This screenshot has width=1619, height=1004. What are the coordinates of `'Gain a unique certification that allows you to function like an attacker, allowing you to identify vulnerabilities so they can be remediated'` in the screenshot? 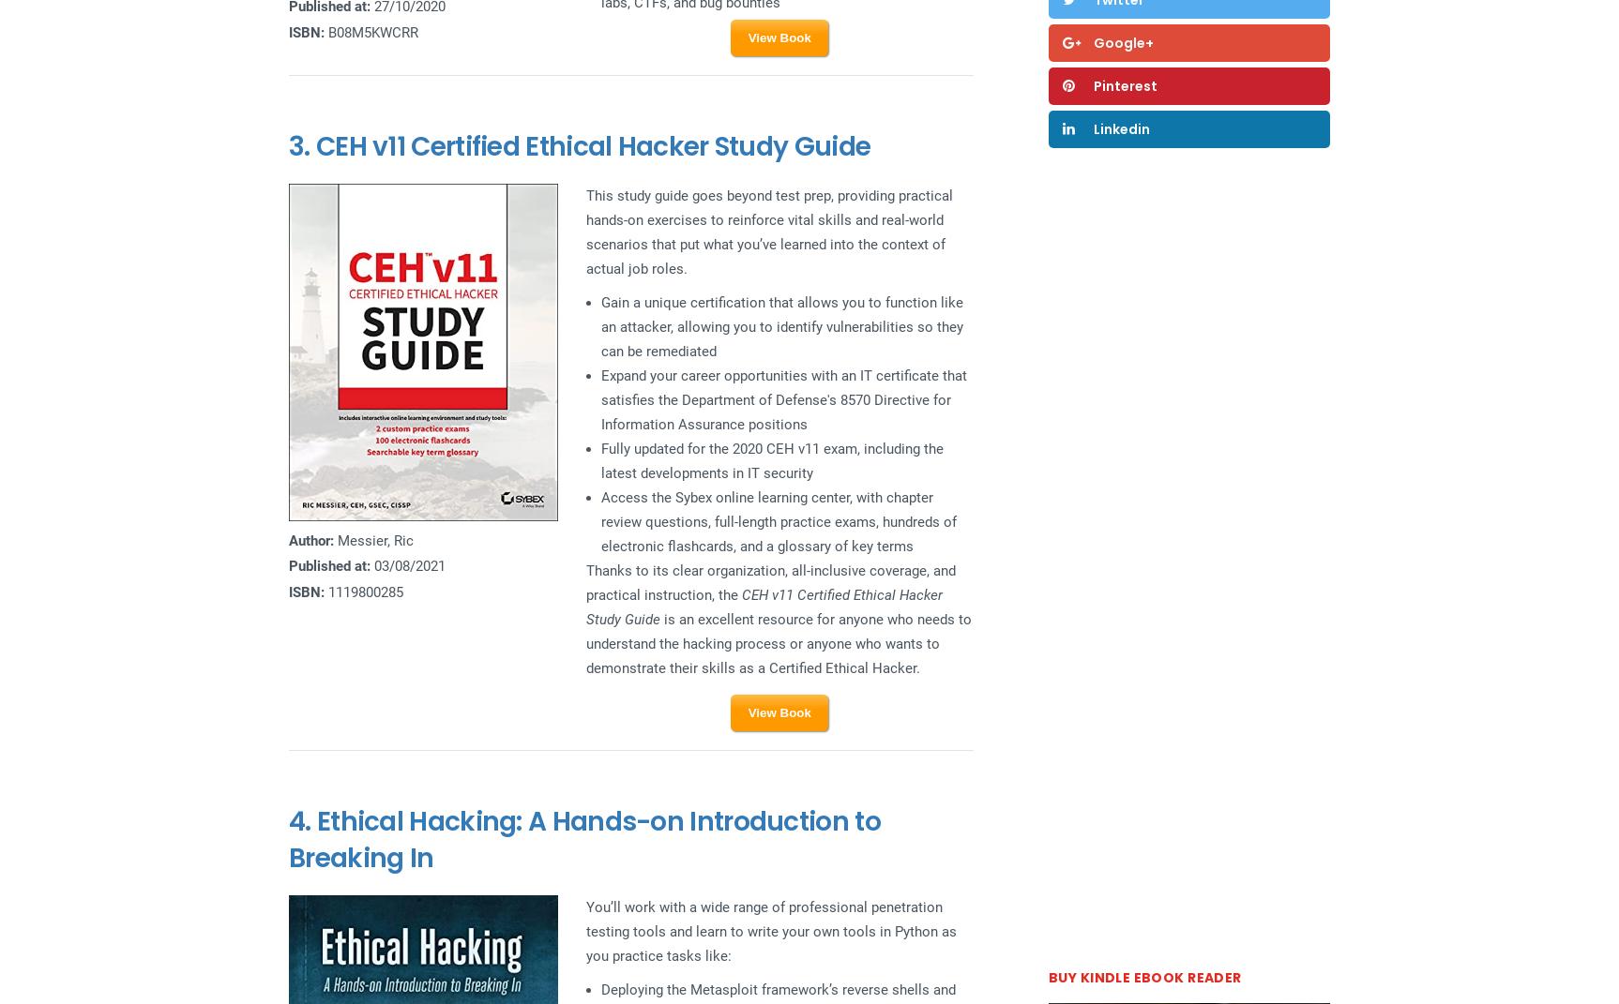 It's located at (599, 326).